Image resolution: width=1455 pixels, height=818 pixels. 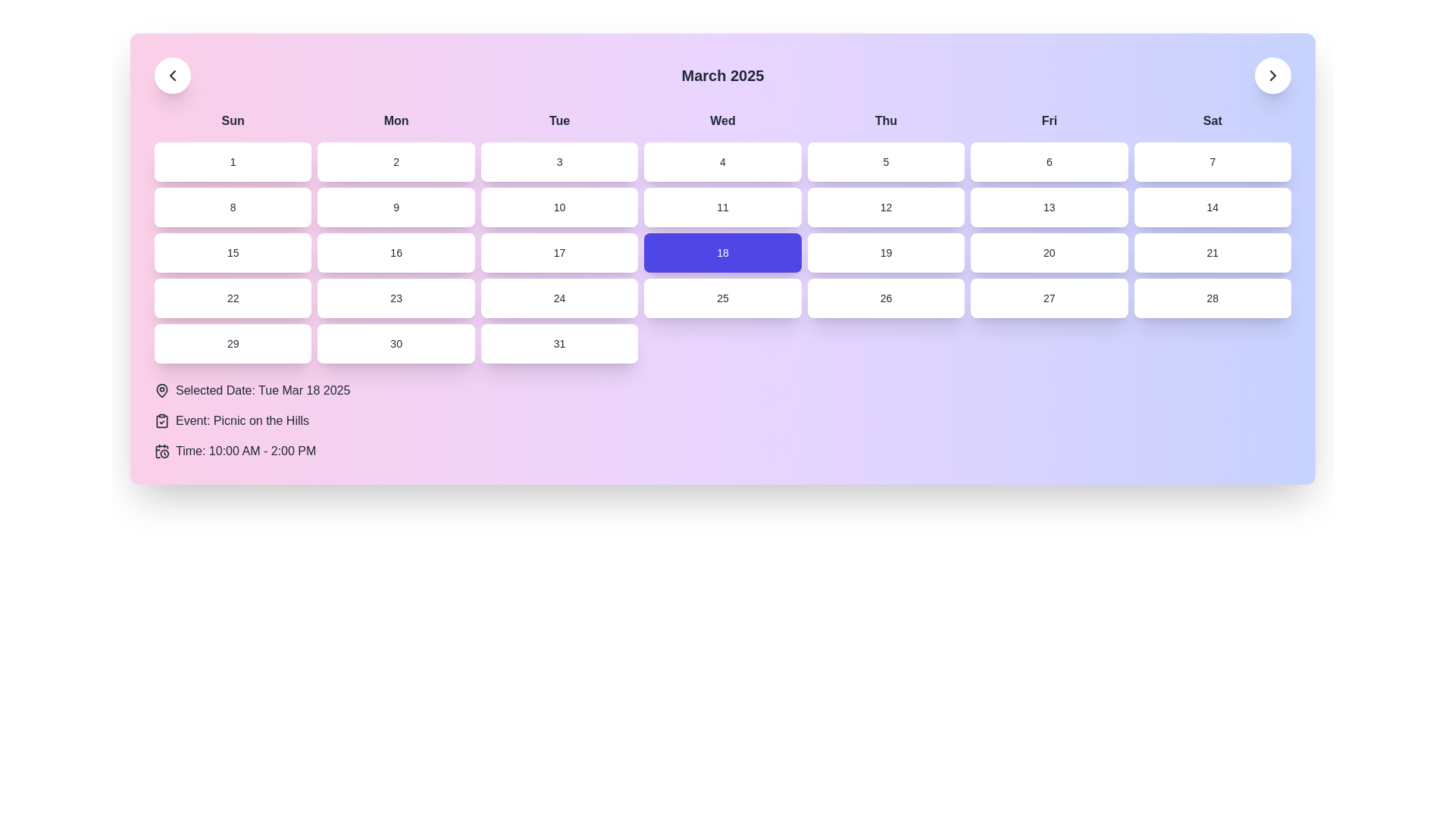 What do you see at coordinates (559, 120) in the screenshot?
I see `the Text Label indicating 'Tue', which is the third day in the calendar layout, positioned centrally in the third column` at bounding box center [559, 120].